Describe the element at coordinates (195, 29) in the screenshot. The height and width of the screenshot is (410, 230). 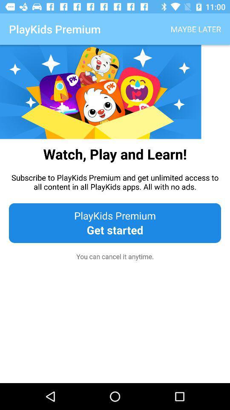
I see `maybe later` at that location.